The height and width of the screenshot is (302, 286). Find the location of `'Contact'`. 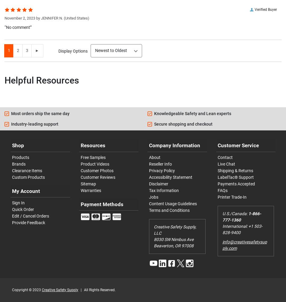

'Contact' is located at coordinates (224, 157).